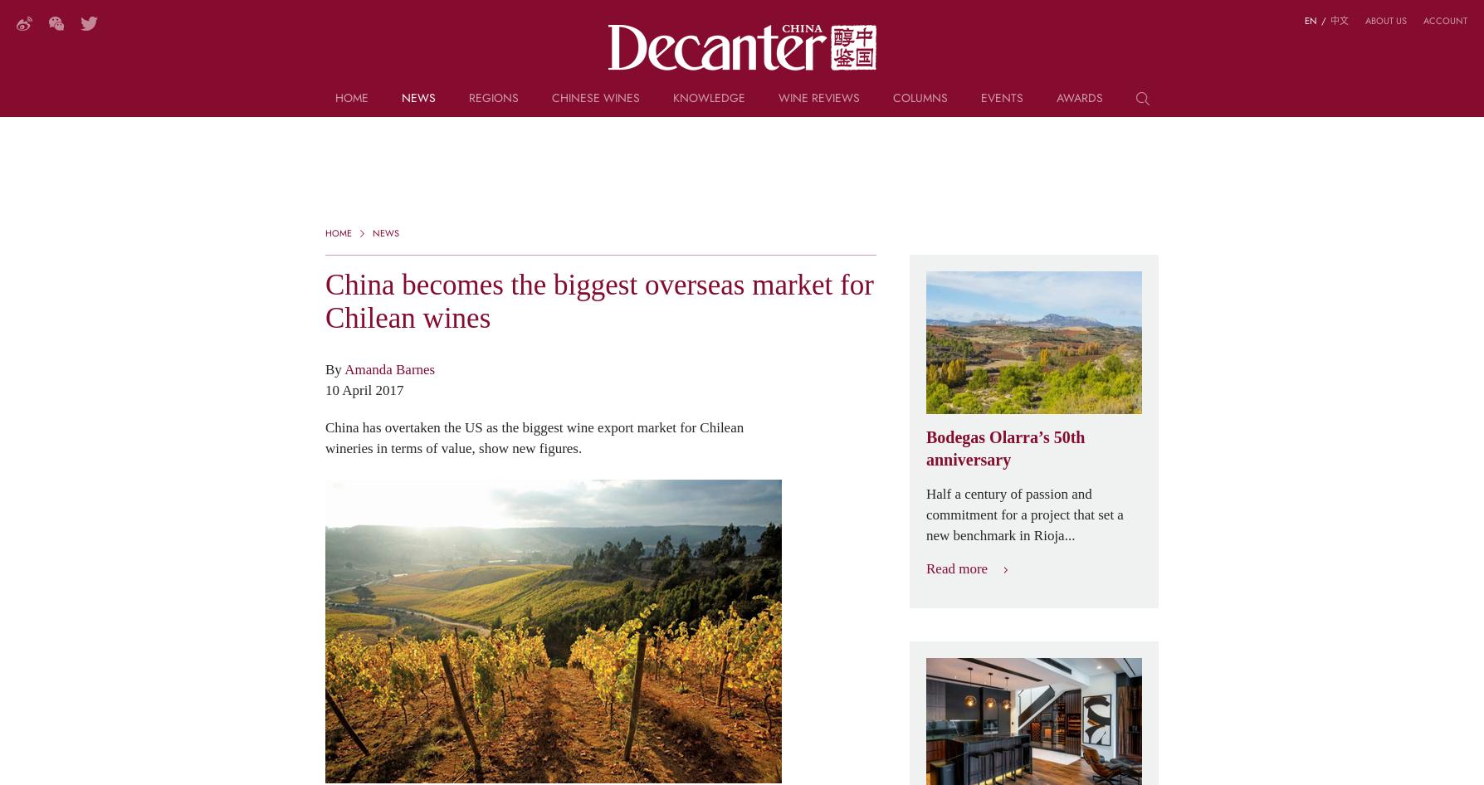 The image size is (1484, 785). What do you see at coordinates (1384, 20) in the screenshot?
I see `'About us'` at bounding box center [1384, 20].